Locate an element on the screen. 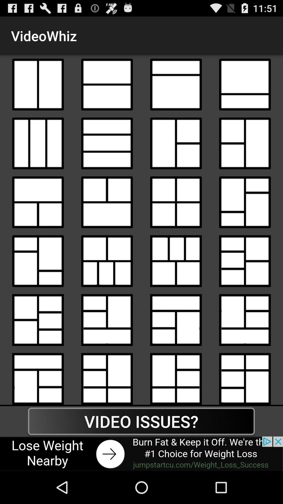  layout option is located at coordinates (245, 202).